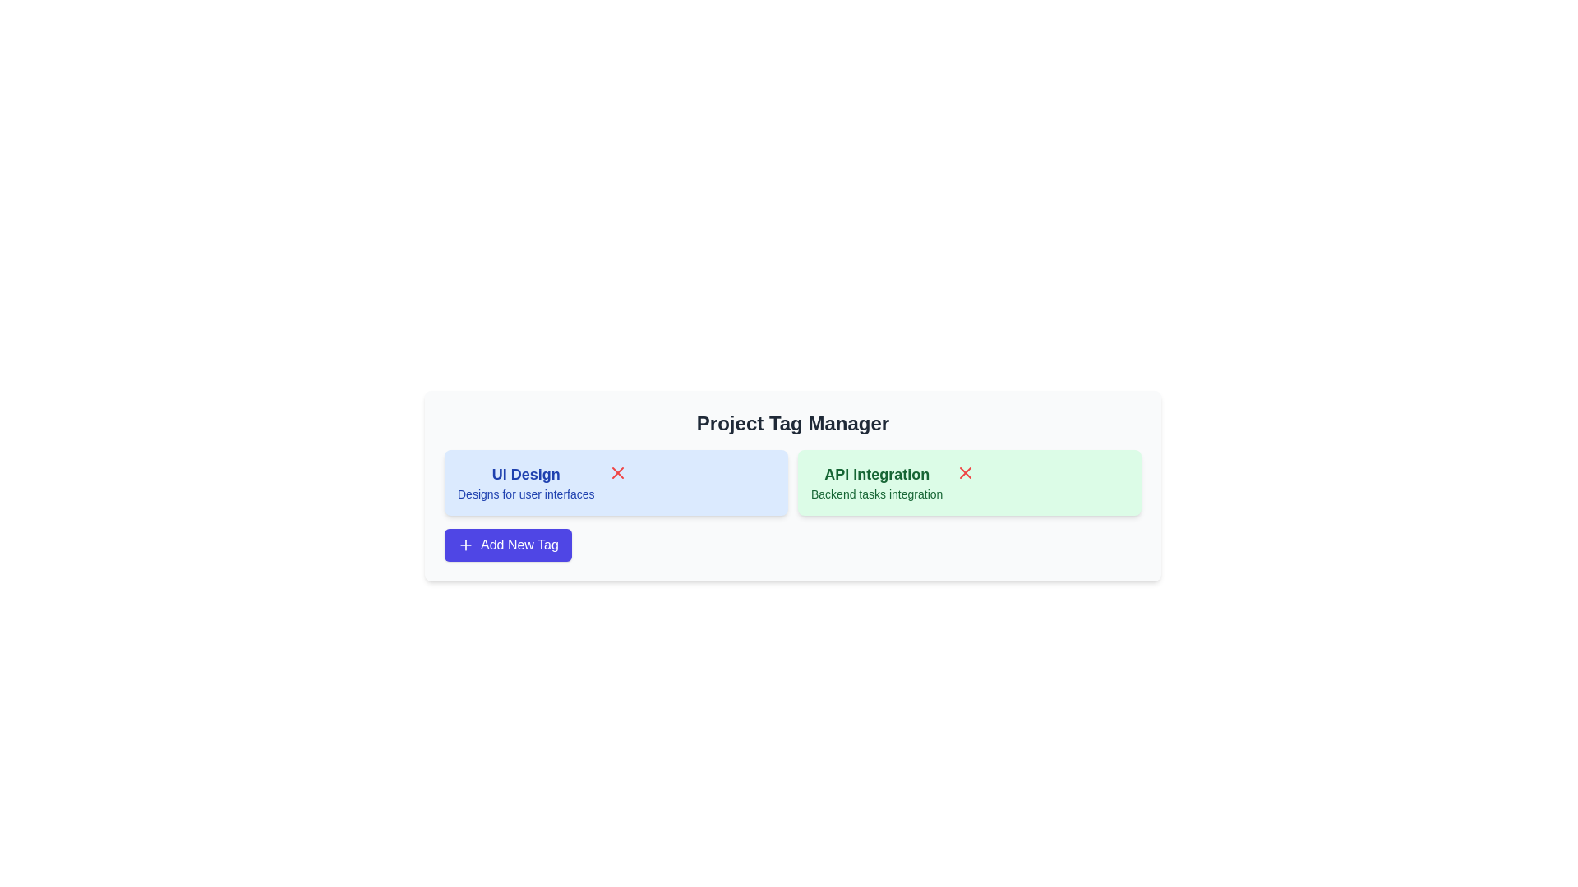 This screenshot has height=887, width=1578. Describe the element at coordinates (876, 475) in the screenshot. I see `the text label displaying 'API Integration' which is centrally aligned on a light green background, located in the rightmost tag block above the text 'Backend tasks integration'` at that location.